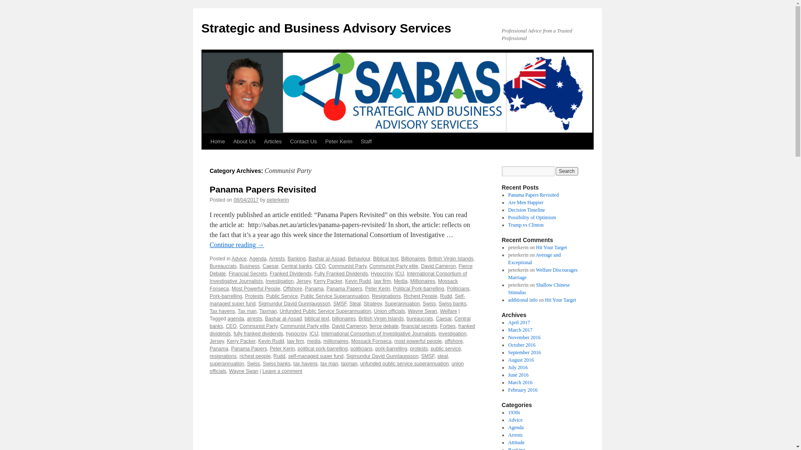  Describe the element at coordinates (517, 367) in the screenshot. I see `'July 2016'` at that location.